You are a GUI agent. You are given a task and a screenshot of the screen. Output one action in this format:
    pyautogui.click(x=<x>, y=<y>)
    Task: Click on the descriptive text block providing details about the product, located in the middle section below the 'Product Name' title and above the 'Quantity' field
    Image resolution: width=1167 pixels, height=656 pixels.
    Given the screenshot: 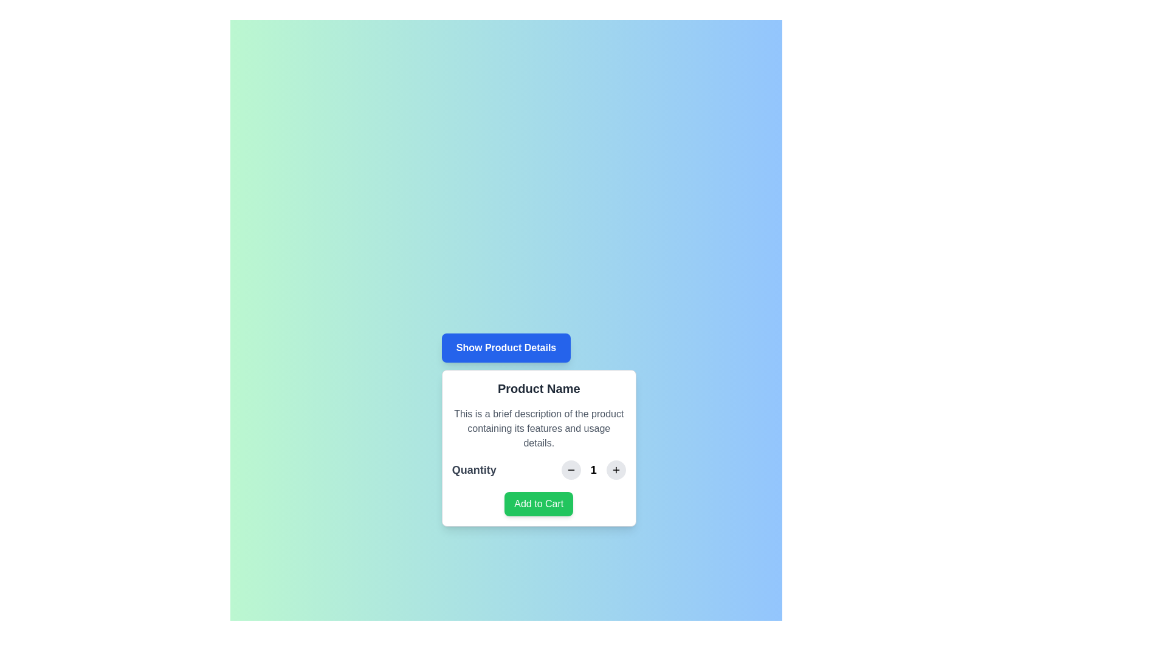 What is the action you would take?
    pyautogui.click(x=538, y=428)
    